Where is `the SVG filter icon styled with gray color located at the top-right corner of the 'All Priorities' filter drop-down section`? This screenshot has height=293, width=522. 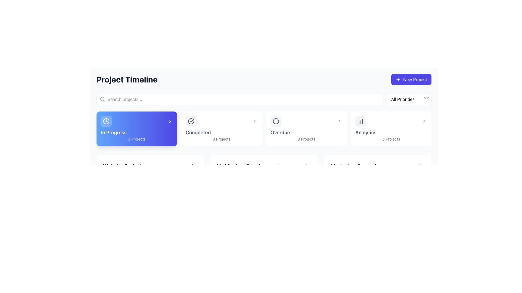 the SVG filter icon styled with gray color located at the top-right corner of the 'All Priorities' filter drop-down section is located at coordinates (426, 99).